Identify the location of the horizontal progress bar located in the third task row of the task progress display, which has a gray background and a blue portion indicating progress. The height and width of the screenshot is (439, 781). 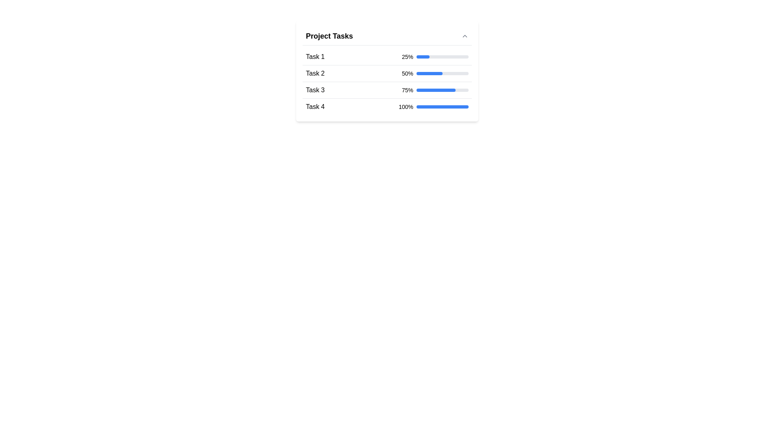
(442, 90).